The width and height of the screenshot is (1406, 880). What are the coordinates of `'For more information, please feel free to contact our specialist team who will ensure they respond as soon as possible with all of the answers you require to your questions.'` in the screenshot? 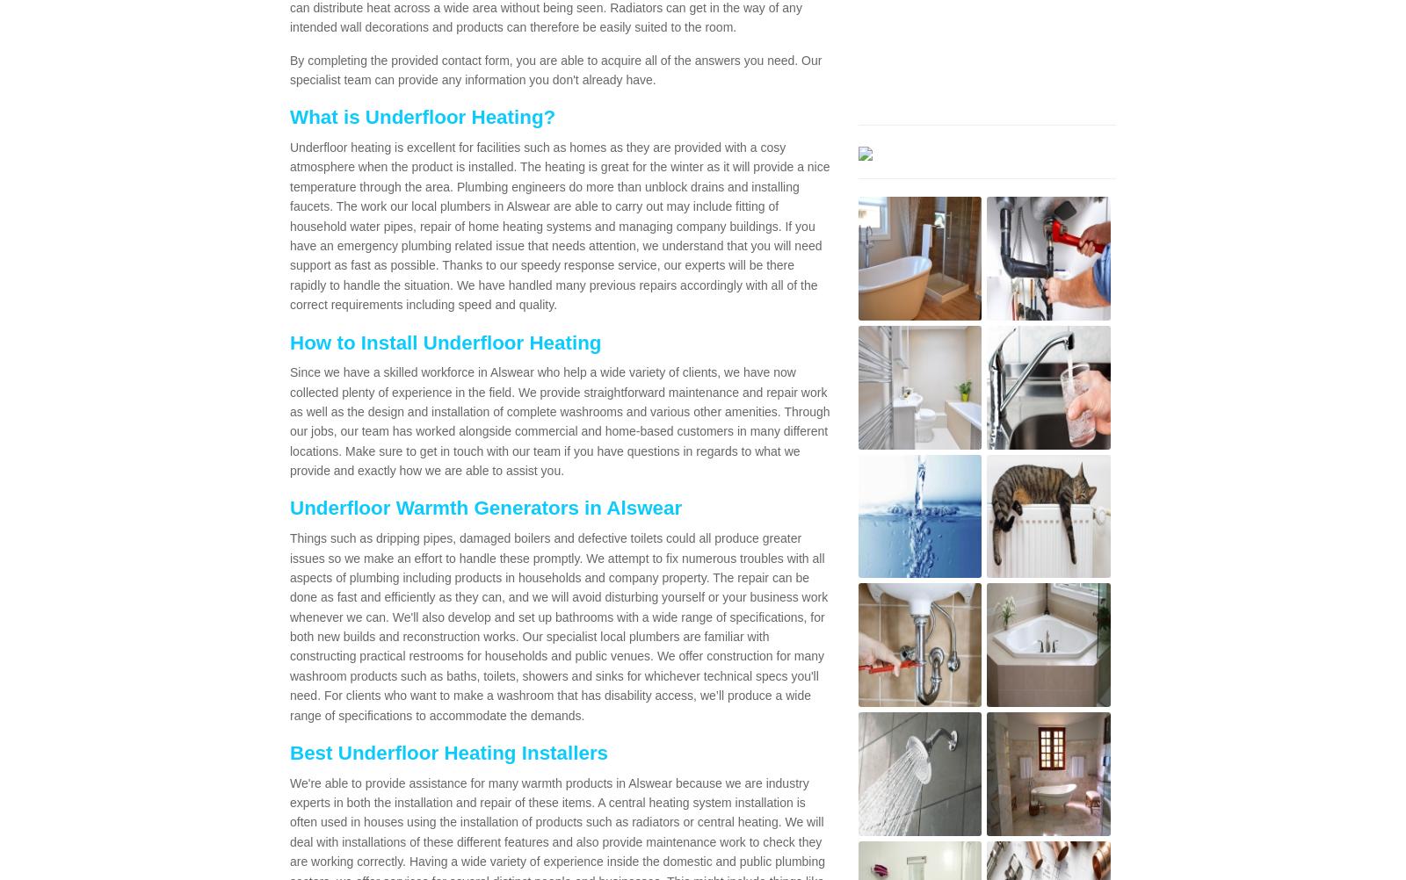 It's located at (299, 662).